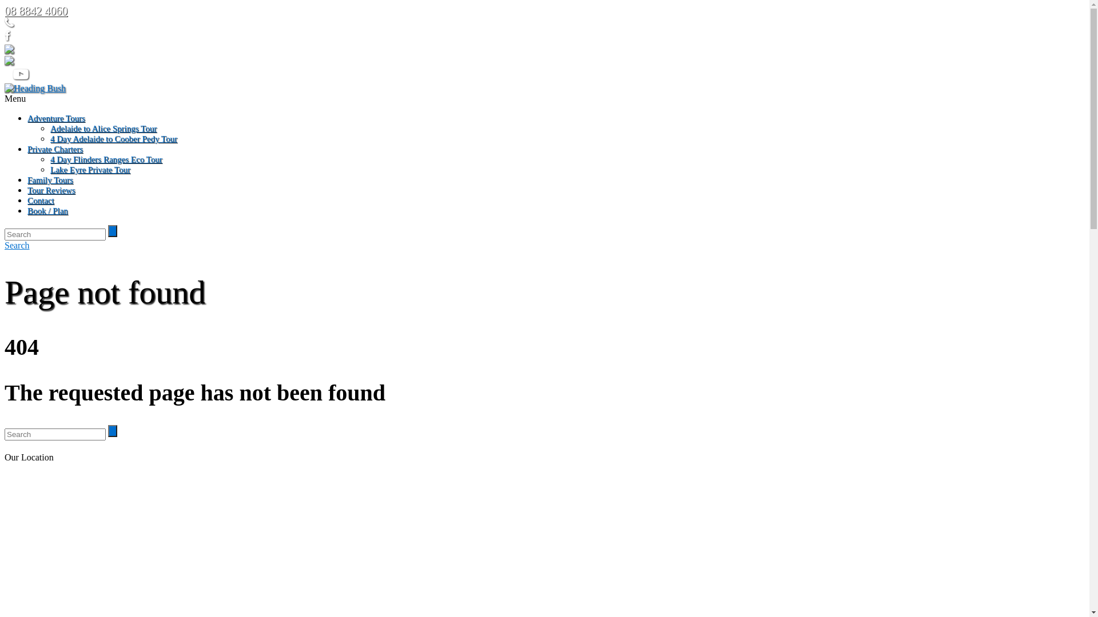 This screenshot has height=617, width=1098. What do you see at coordinates (17, 245) in the screenshot?
I see `'Search'` at bounding box center [17, 245].